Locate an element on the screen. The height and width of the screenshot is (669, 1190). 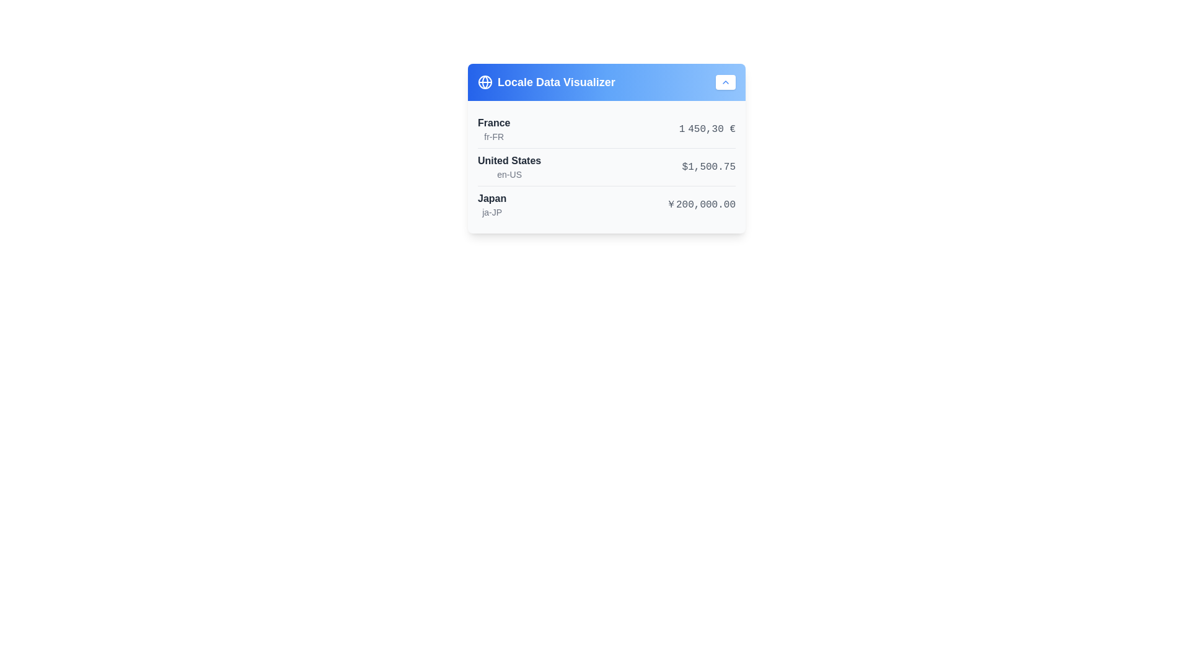
text element displaying 'Japan' in bold dark gray font and 'ja-JP' in smaller light gray font, located in the third row of the 'Locale Data Visualizer' card layout is located at coordinates (491, 204).